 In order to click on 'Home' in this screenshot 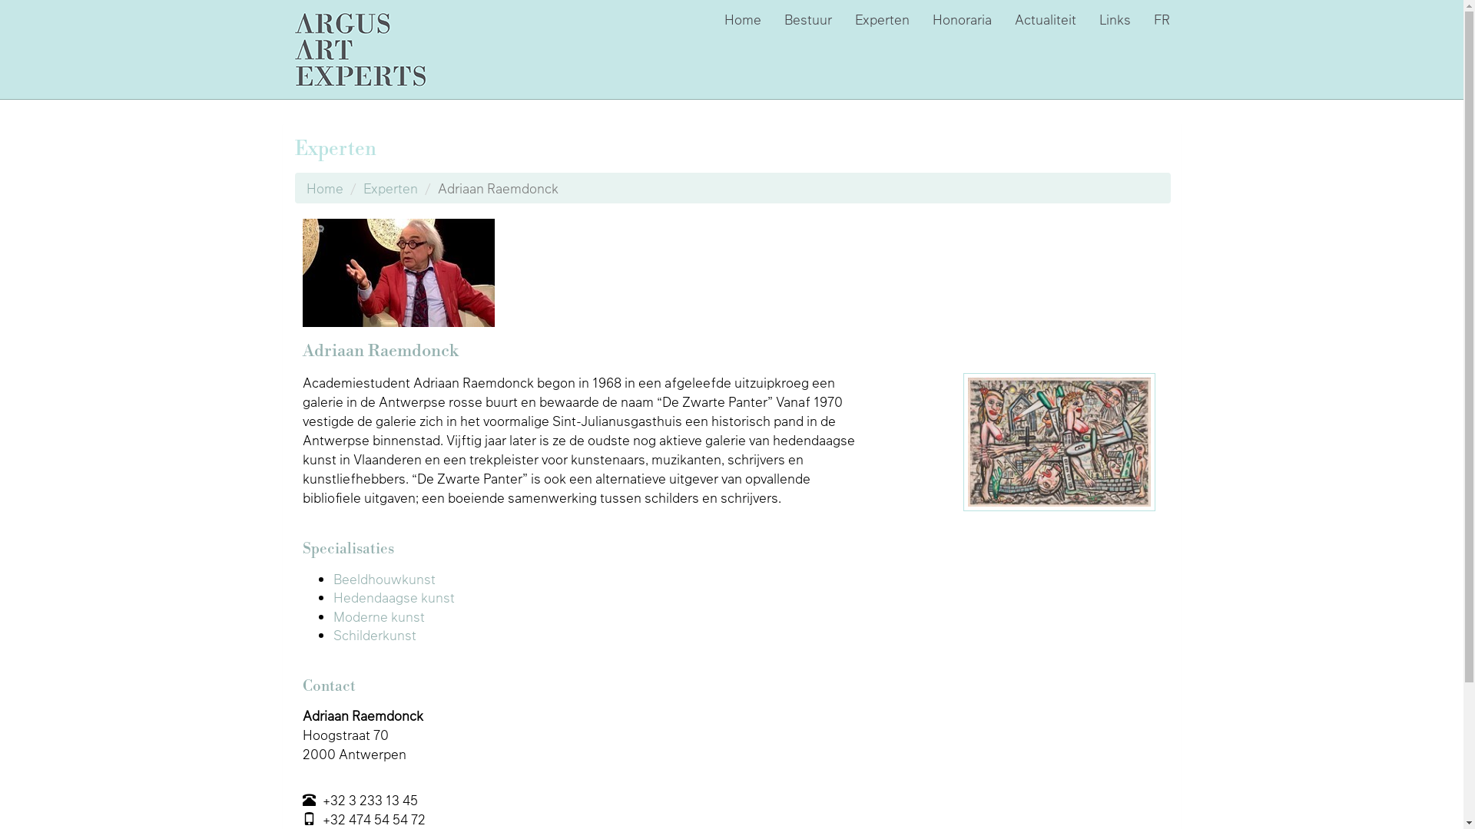, I will do `click(323, 186)`.